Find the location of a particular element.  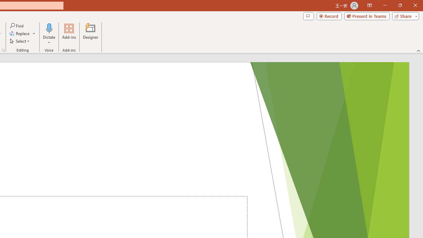

'Select' is located at coordinates (20, 41).